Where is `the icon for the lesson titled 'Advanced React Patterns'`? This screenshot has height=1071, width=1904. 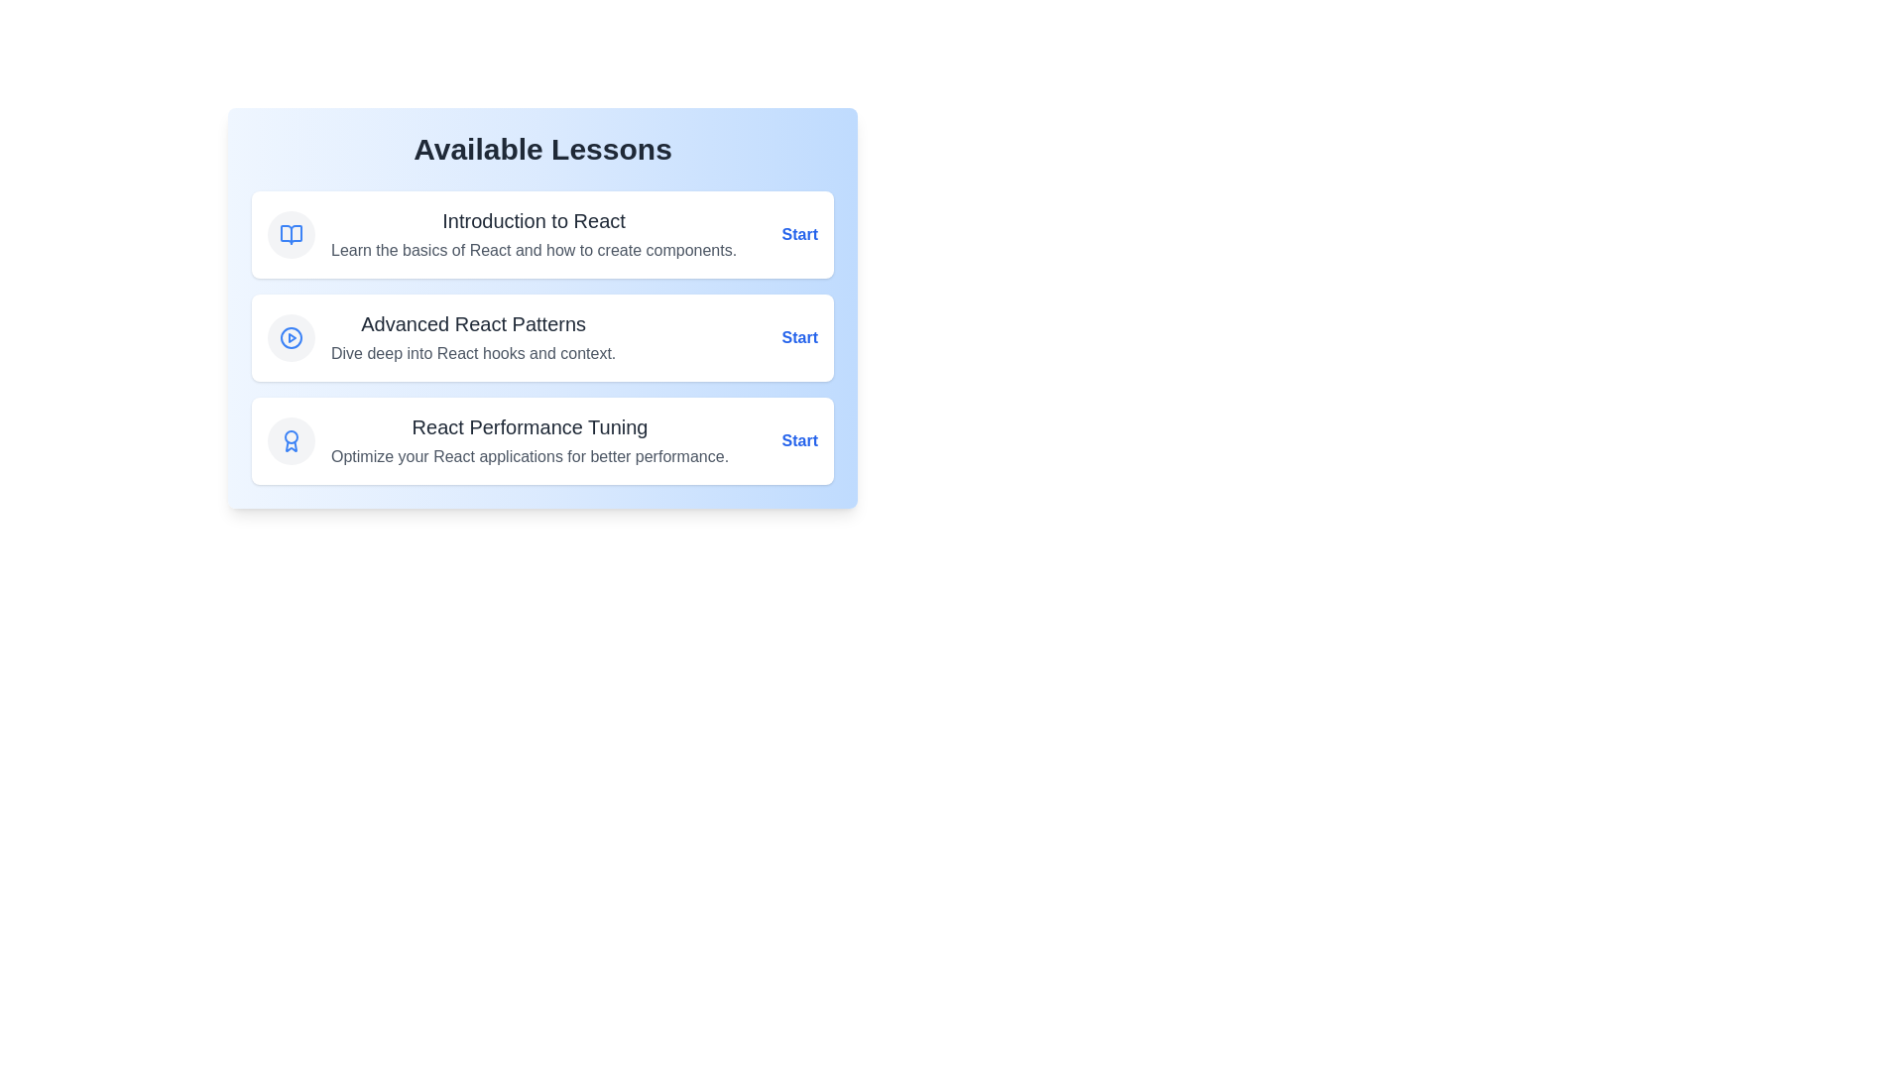
the icon for the lesson titled 'Advanced React Patterns' is located at coordinates (290, 336).